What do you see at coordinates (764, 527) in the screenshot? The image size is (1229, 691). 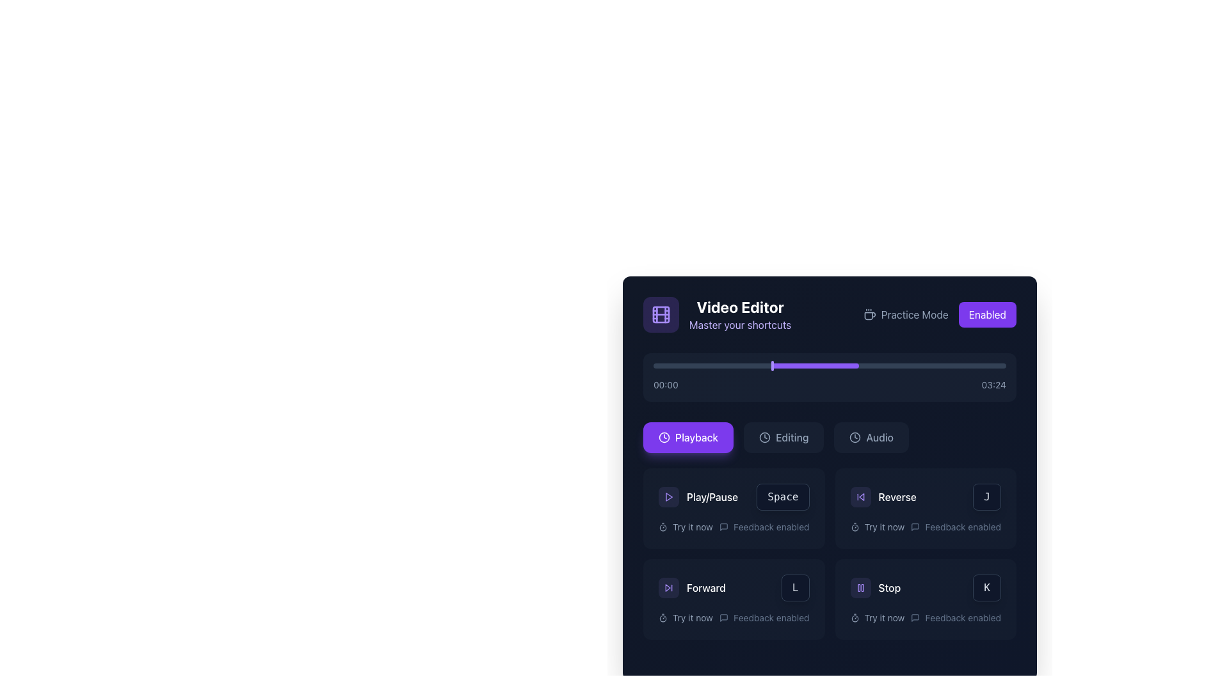 I see `the feedback label indicating that feedback is enabled for the 'Play/Pause' feature in the 'Try it now' section of the video editor interface` at bounding box center [764, 527].